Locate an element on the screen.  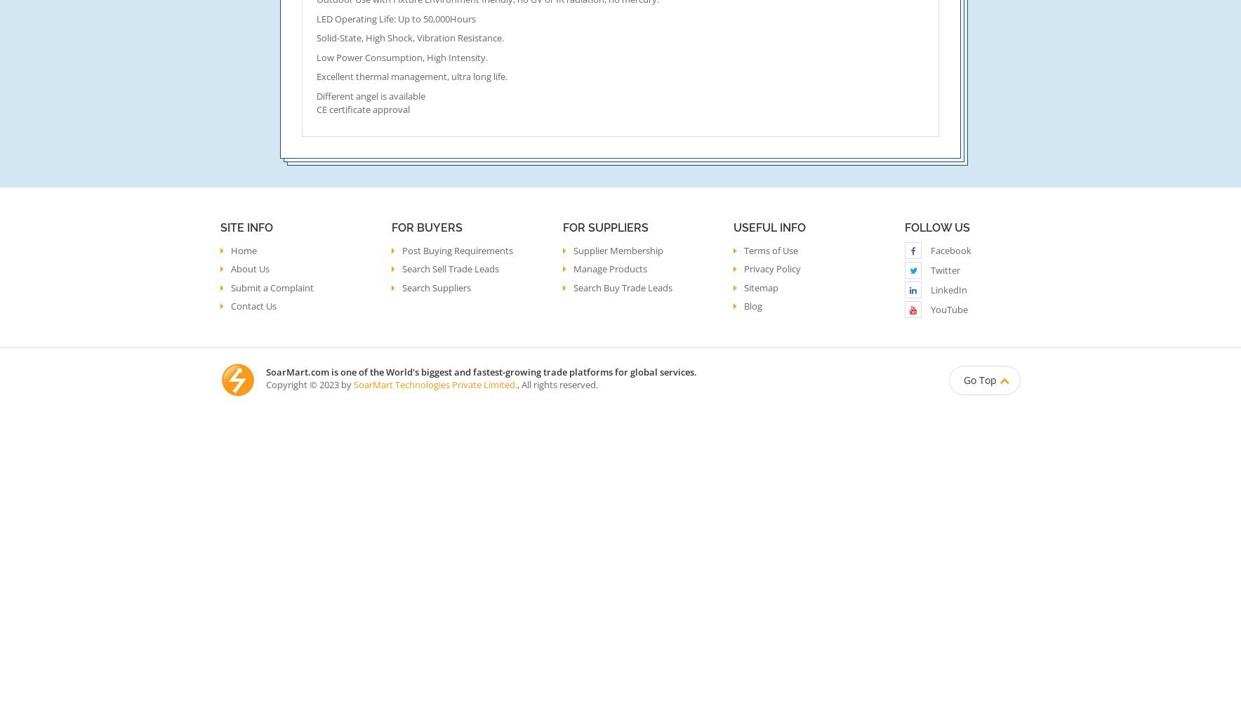
'About Us' is located at coordinates (250, 269).